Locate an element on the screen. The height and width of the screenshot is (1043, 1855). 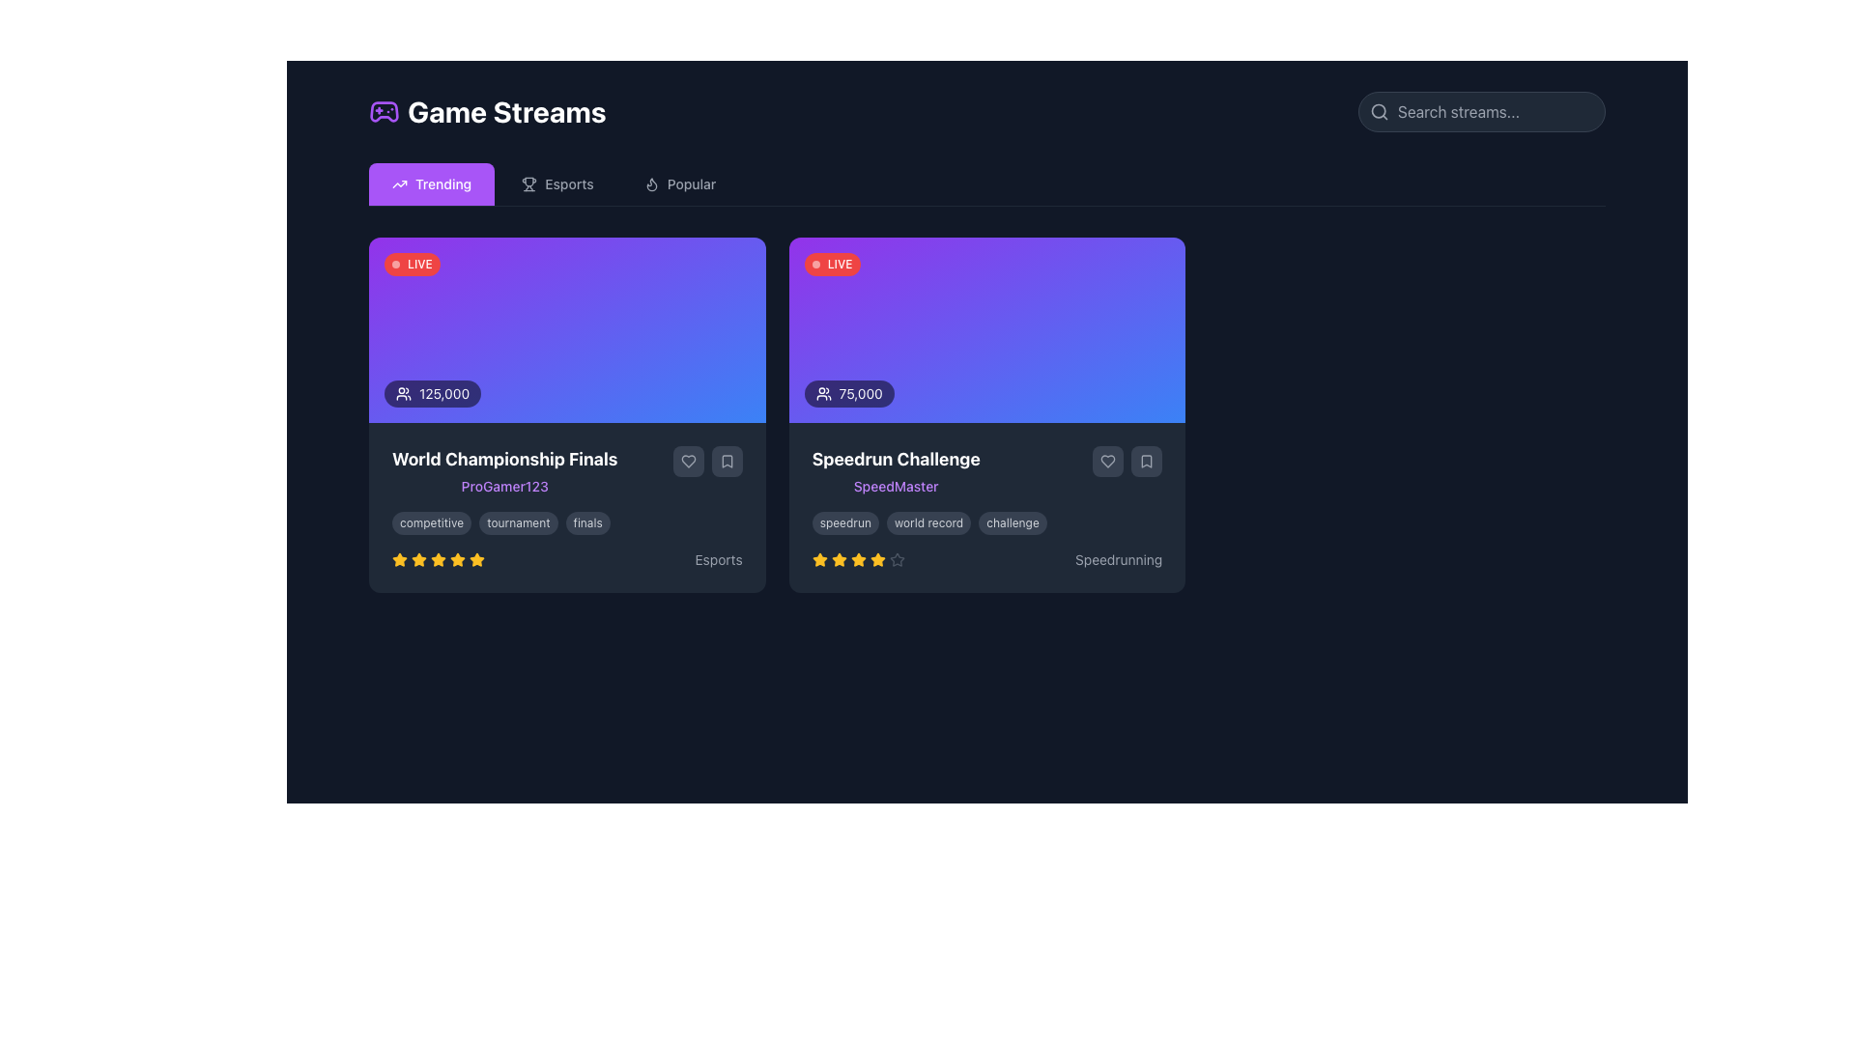
'Trending' text label, which identifies the active section for trending content in the Game Streams area is located at coordinates (442, 184).